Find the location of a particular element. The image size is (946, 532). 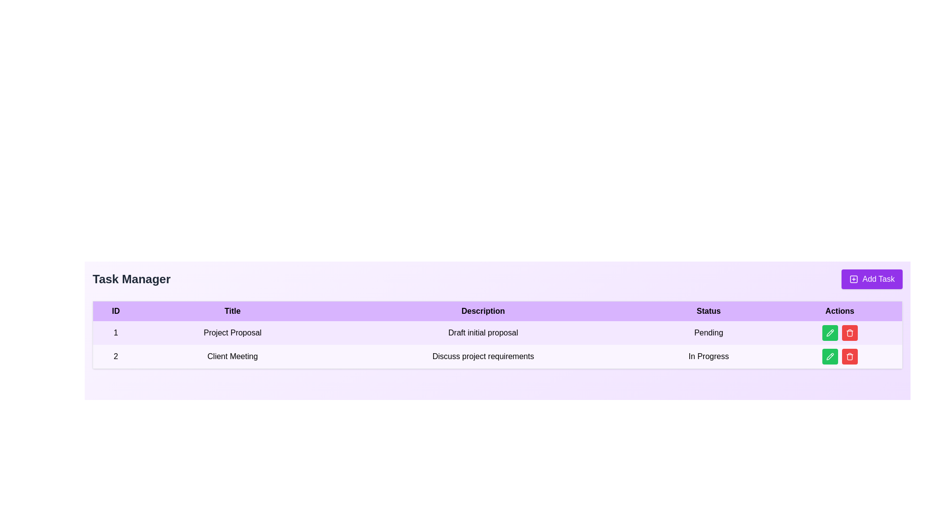

the text label 'Description' which is part of the table header, presented in bold black typography on a light purple background, positioned between 'Title' and 'Status' is located at coordinates (483, 311).